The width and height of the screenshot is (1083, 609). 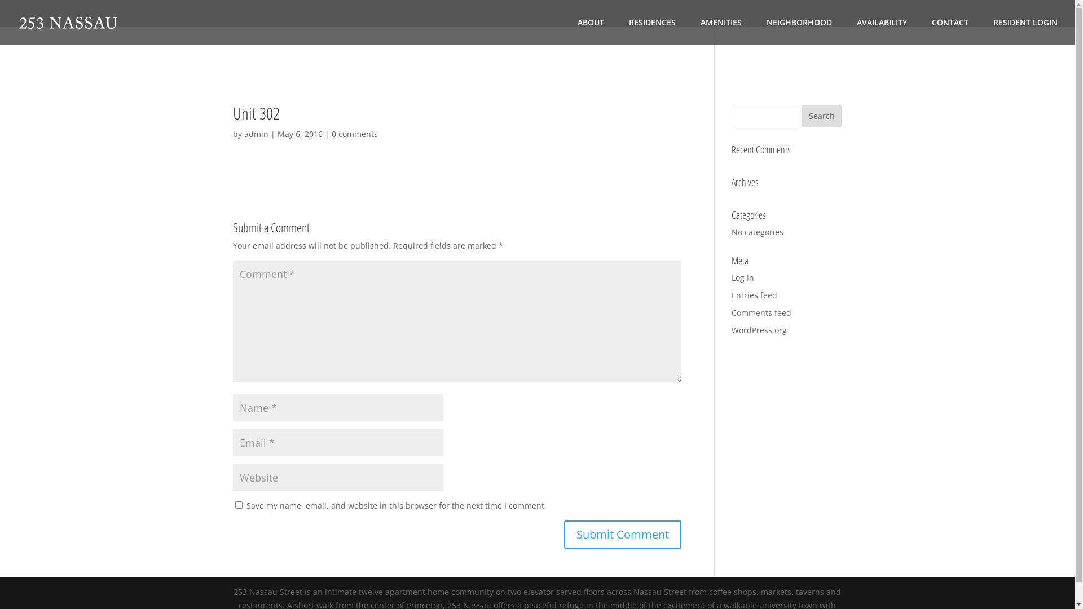 I want to click on 'NEIGHBORHOOD', so click(x=798, y=31).